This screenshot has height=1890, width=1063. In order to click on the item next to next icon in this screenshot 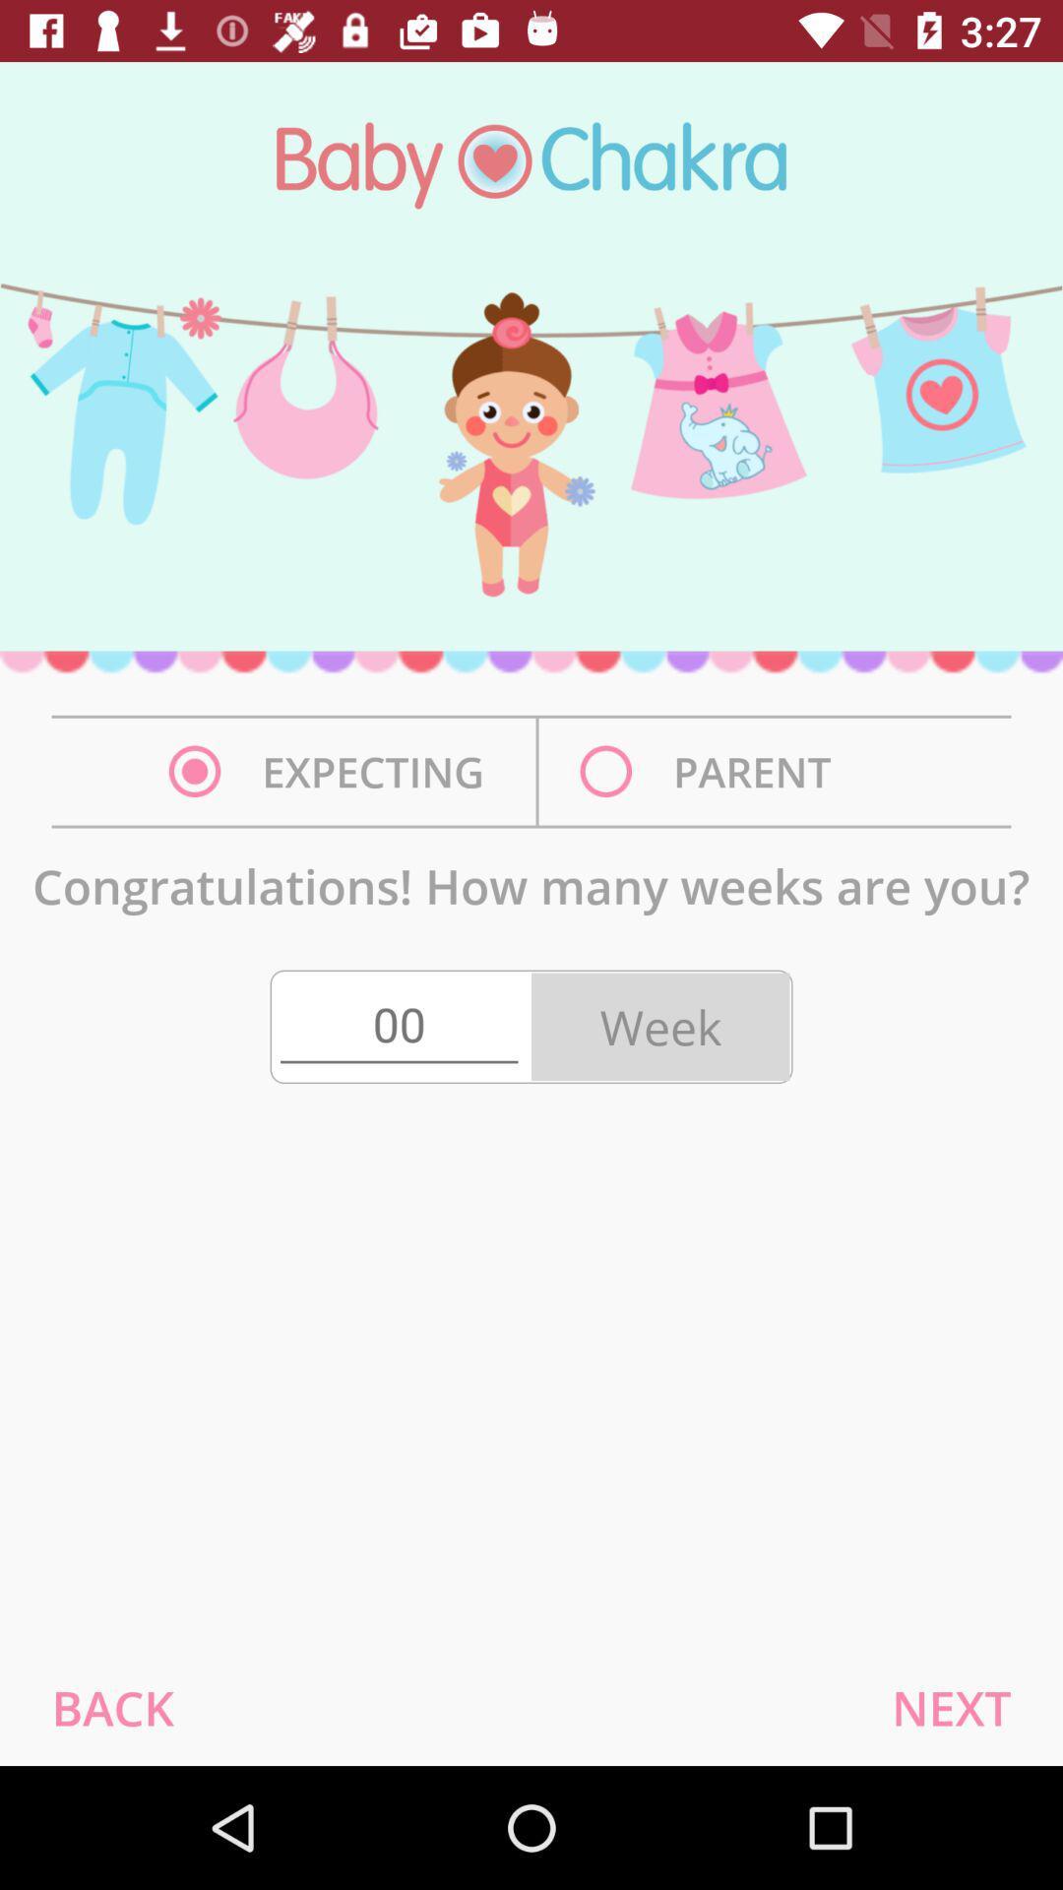, I will do `click(112, 1707)`.